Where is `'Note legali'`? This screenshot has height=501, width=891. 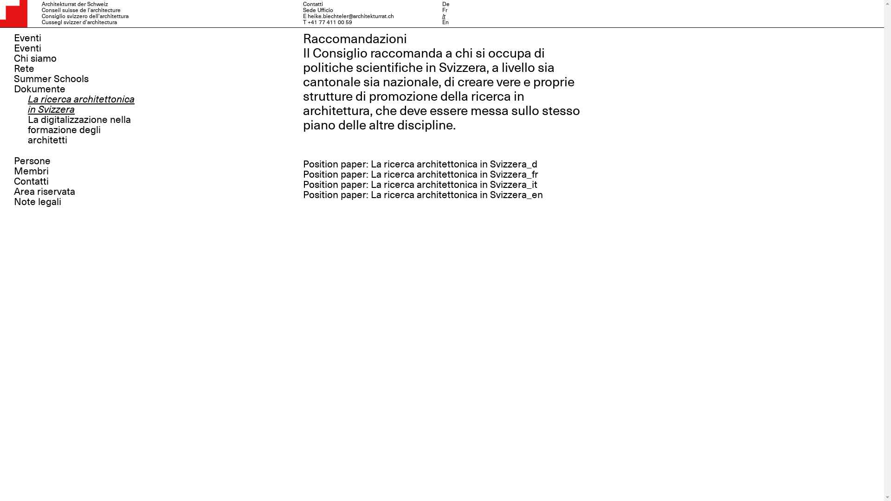 'Note legali' is located at coordinates (37, 201).